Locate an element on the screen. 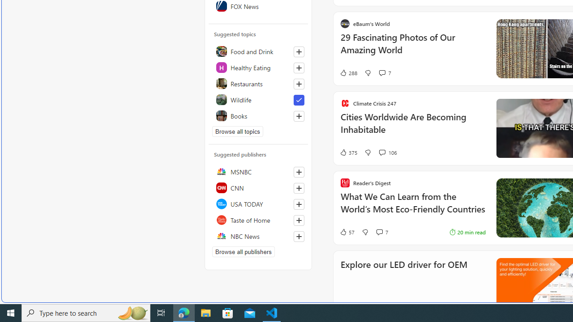 This screenshot has height=322, width=573. '375 Like' is located at coordinates (348, 152).